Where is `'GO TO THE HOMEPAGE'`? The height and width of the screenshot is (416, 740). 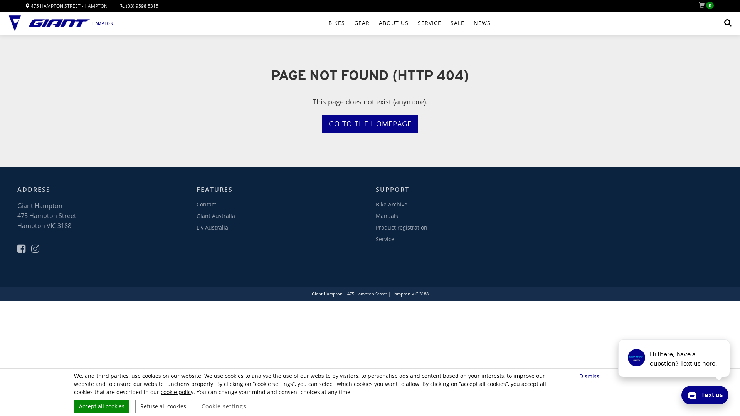 'GO TO THE HOMEPAGE' is located at coordinates (370, 123).